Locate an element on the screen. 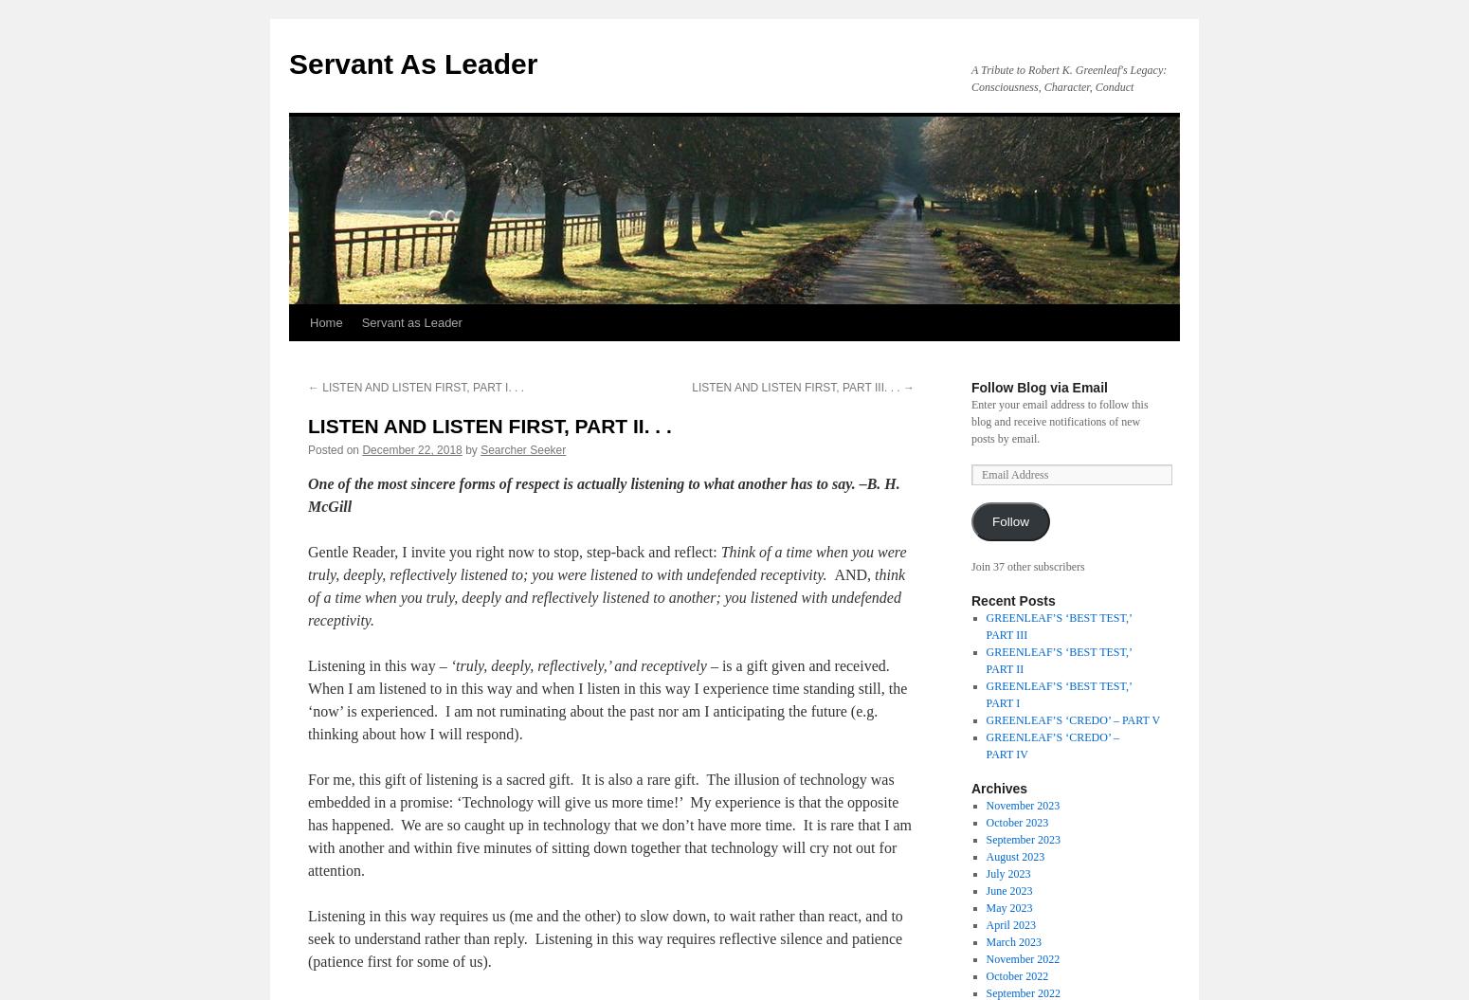  'Follow' is located at coordinates (1009, 520).